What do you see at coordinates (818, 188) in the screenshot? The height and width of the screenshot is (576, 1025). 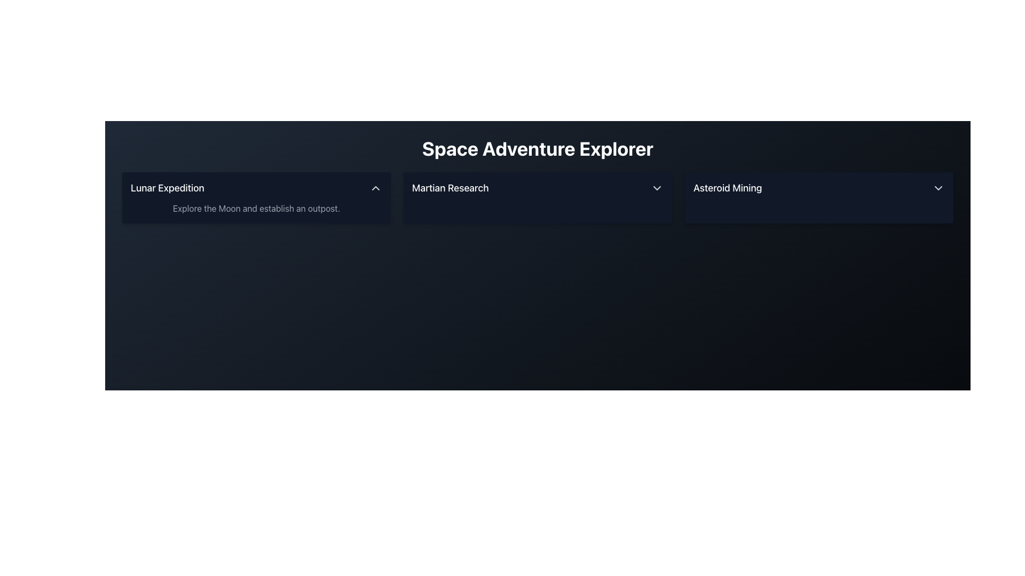 I see `the 'Asteroid Mining' dropdown menu` at bounding box center [818, 188].